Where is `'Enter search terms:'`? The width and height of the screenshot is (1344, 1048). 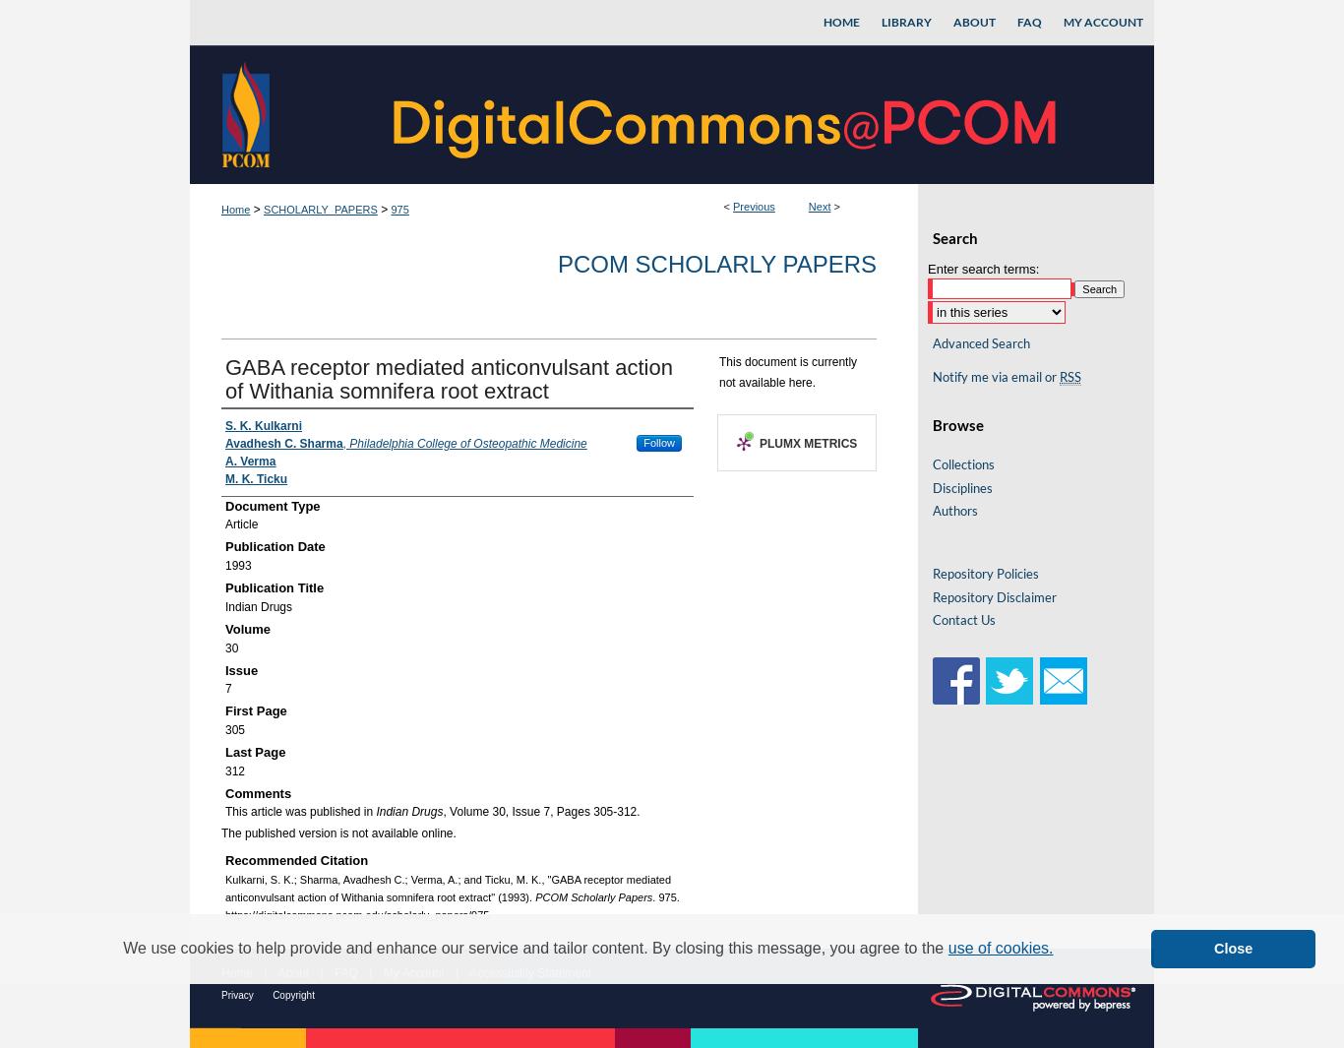
'Enter search terms:' is located at coordinates (983, 267).